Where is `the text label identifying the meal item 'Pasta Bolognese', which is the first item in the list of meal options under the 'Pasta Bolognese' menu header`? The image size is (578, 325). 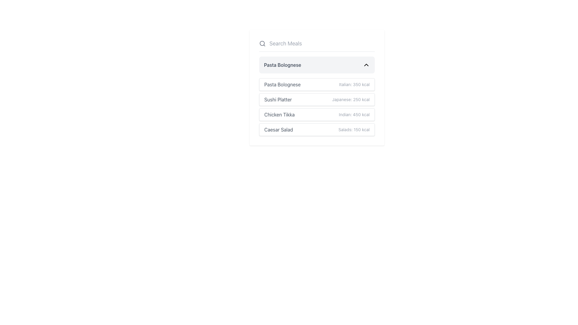 the text label identifying the meal item 'Pasta Bolognese', which is the first item in the list of meal options under the 'Pasta Bolognese' menu header is located at coordinates (282, 85).